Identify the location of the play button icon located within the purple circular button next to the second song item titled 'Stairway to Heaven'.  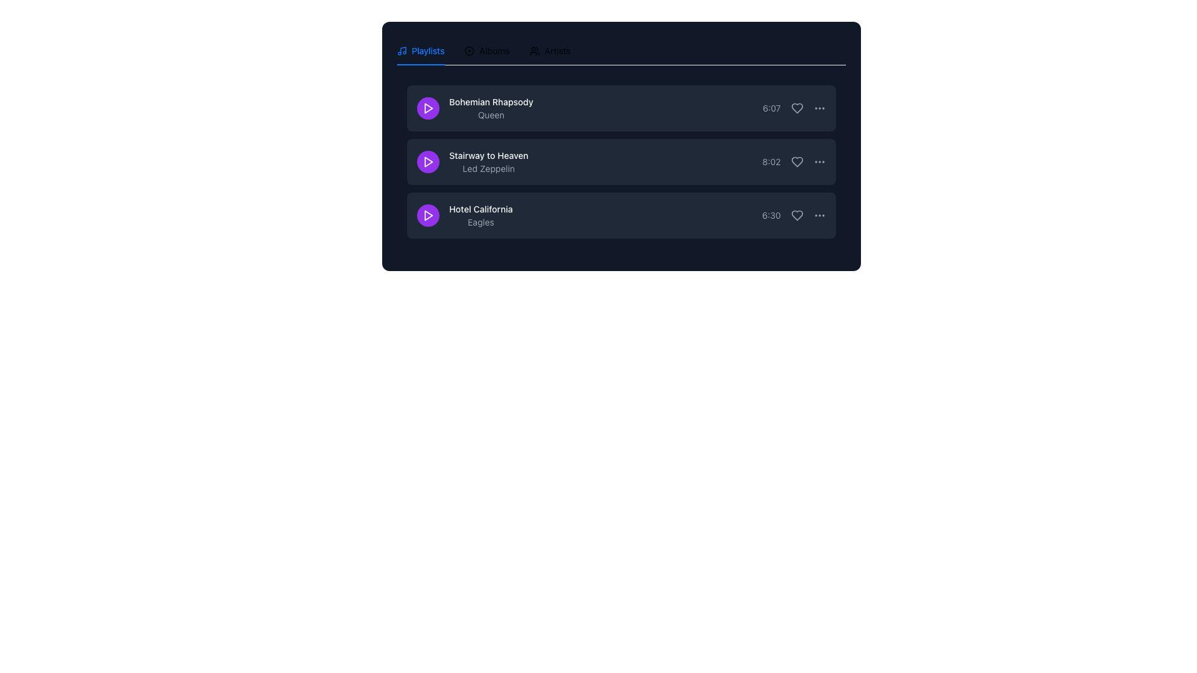
(428, 161).